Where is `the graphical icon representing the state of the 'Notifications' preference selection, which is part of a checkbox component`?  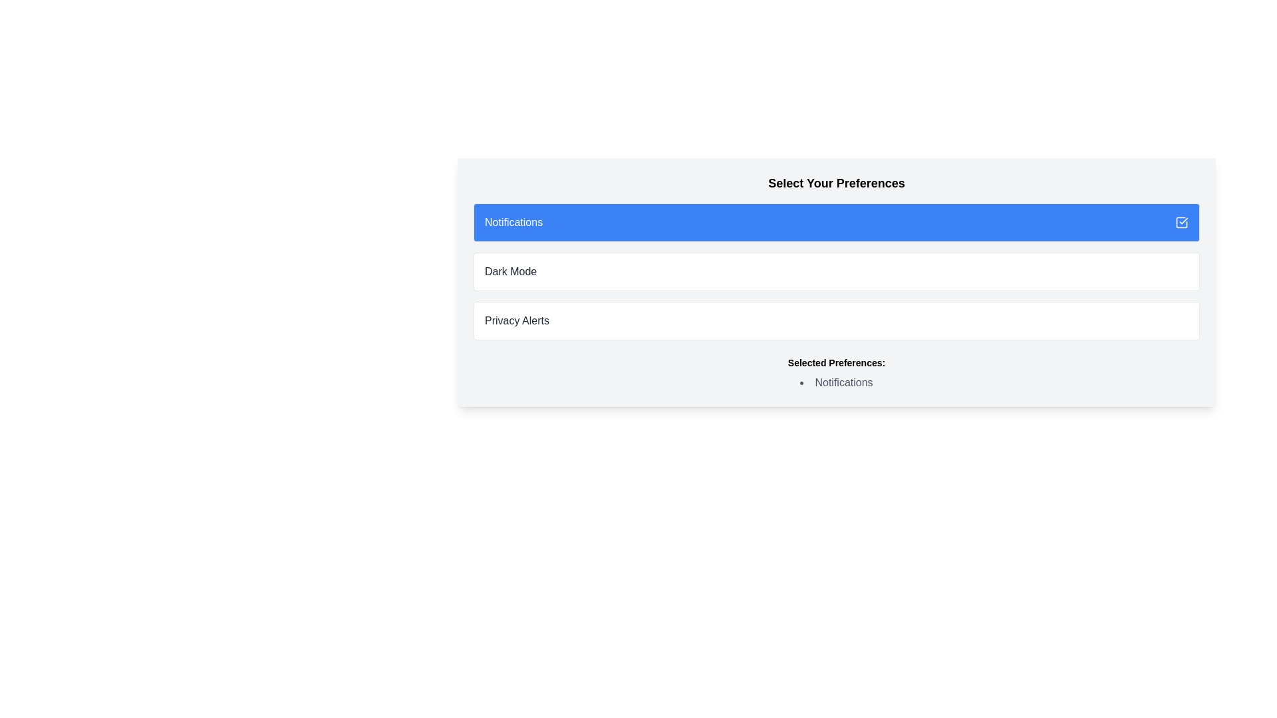
the graphical icon representing the state of the 'Notifications' preference selection, which is part of a checkbox component is located at coordinates (1181, 222).